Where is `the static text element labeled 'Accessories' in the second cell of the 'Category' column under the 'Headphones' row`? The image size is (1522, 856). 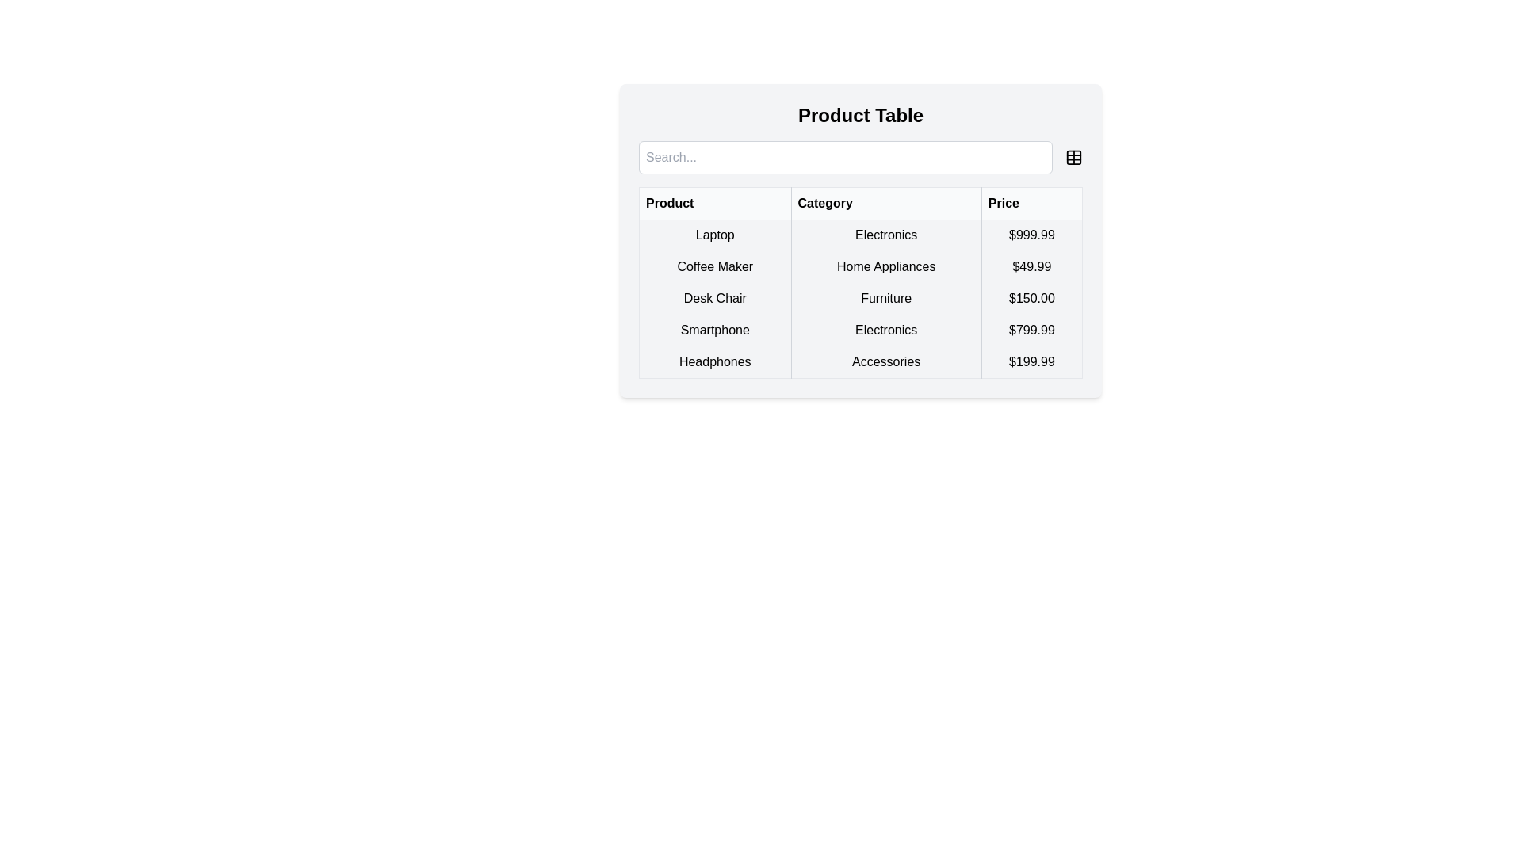
the static text element labeled 'Accessories' in the second cell of the 'Category' column under the 'Headphones' row is located at coordinates (885, 362).